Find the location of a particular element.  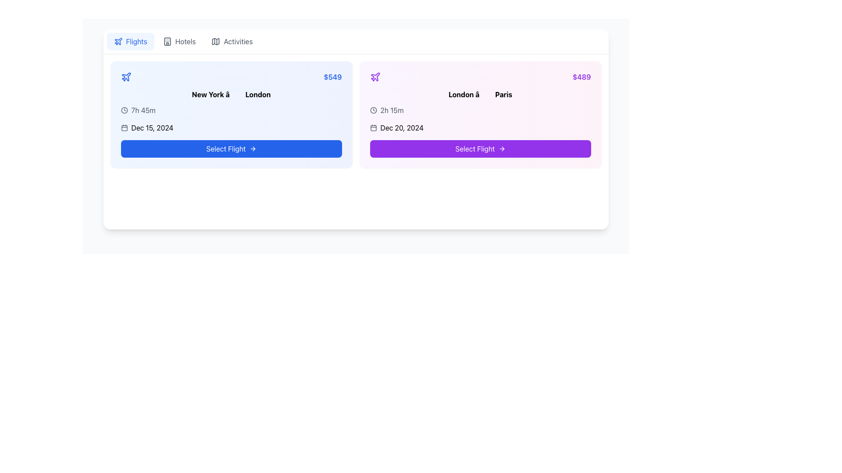

the Navigation bar with tabs is located at coordinates (356, 42).